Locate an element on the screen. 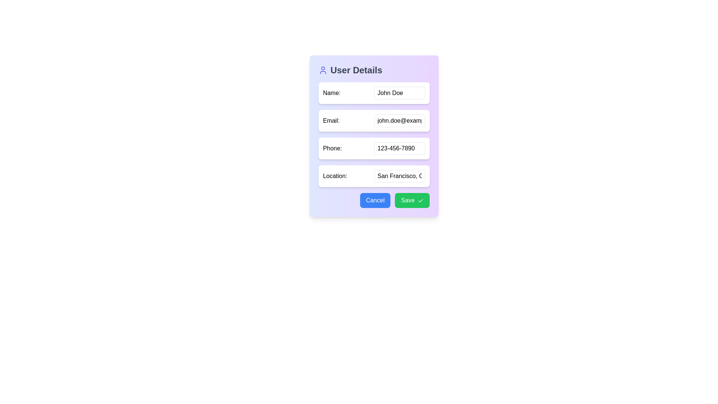  the Text input field for entering a name, which is pre-filled with 'John Doe' is located at coordinates (399, 93).